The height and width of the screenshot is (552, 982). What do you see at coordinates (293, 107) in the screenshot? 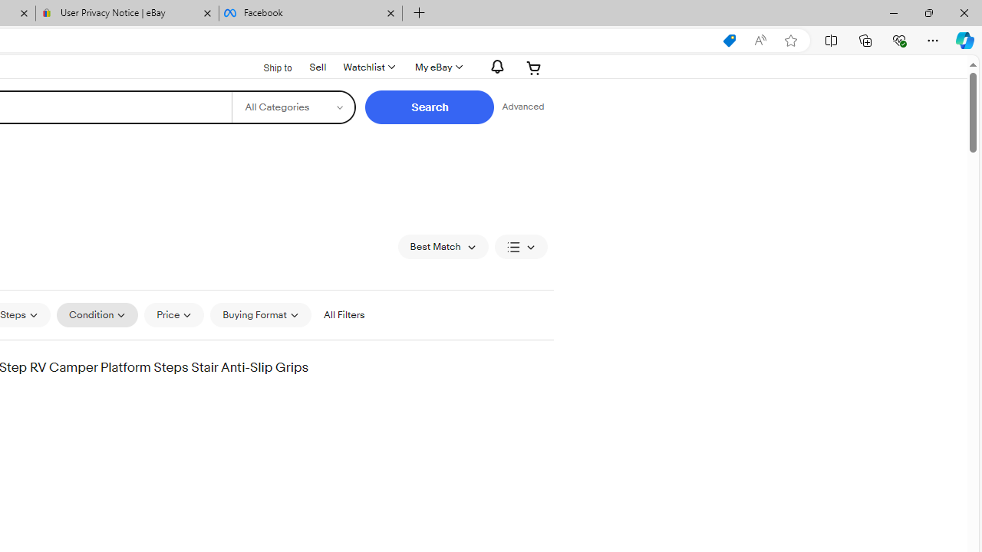
I see `'Select a category for search'` at bounding box center [293, 107].